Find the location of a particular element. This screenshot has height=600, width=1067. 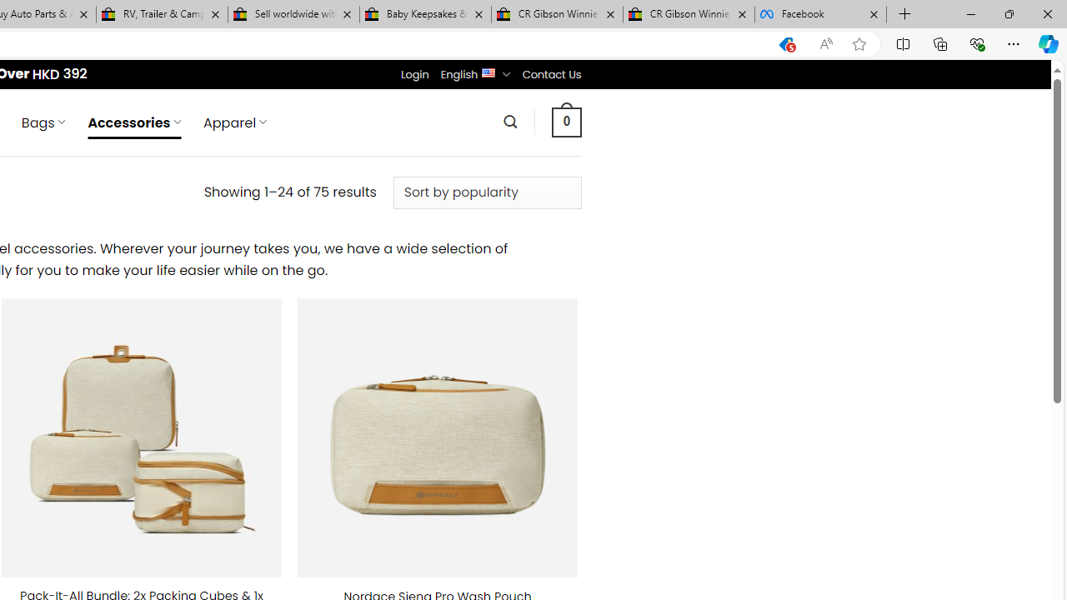

'Contact Us' is located at coordinates (551, 73).